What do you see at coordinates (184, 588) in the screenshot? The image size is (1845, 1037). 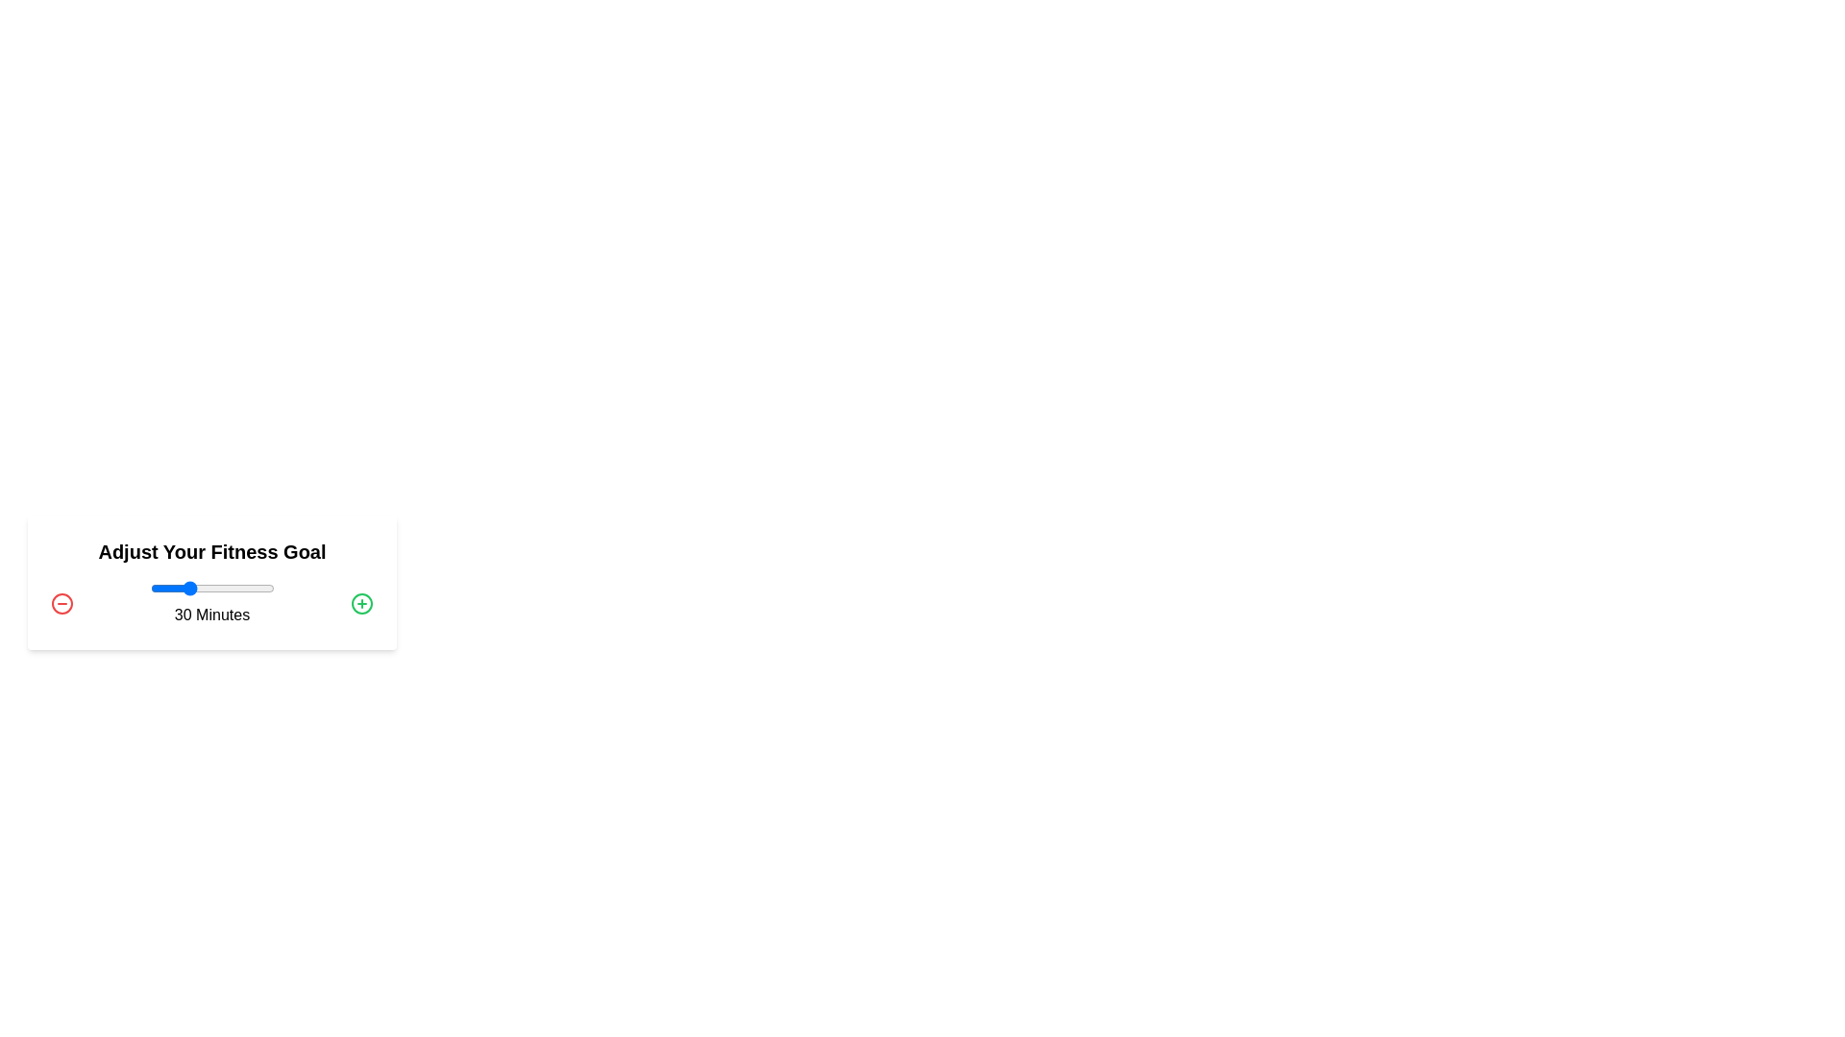 I see `fitness goal` at bounding box center [184, 588].